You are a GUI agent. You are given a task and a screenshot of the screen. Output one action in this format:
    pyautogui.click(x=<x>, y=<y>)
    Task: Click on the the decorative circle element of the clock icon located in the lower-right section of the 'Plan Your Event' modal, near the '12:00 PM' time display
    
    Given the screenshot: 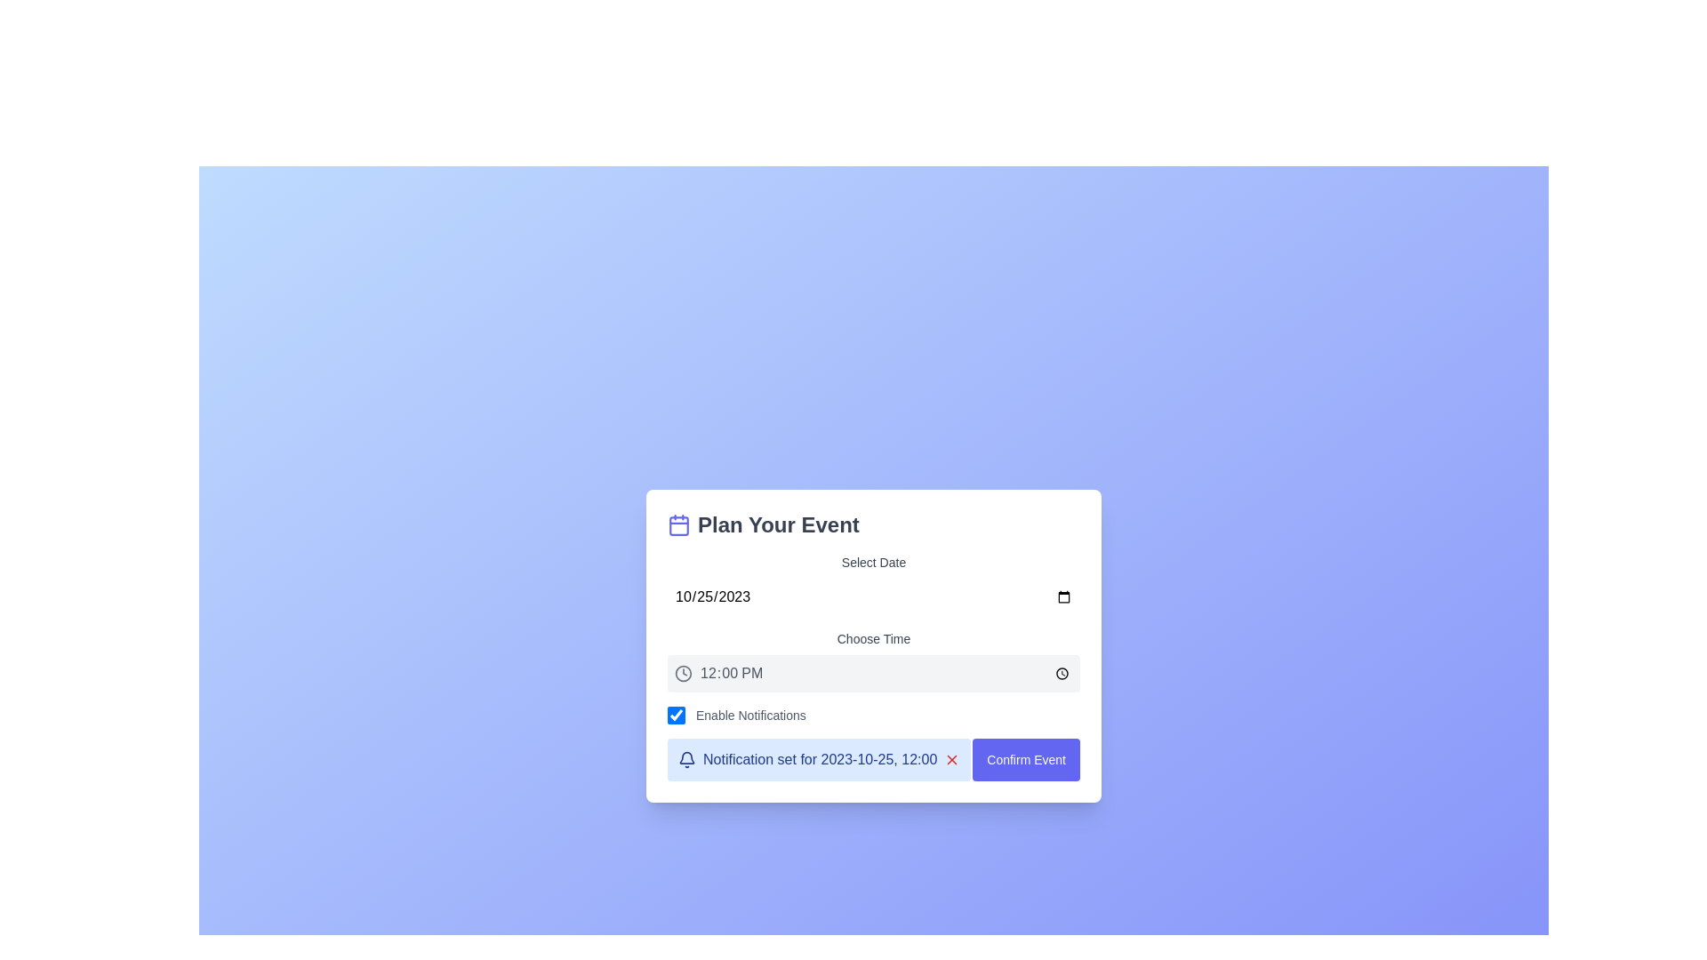 What is the action you would take?
    pyautogui.click(x=682, y=674)
    